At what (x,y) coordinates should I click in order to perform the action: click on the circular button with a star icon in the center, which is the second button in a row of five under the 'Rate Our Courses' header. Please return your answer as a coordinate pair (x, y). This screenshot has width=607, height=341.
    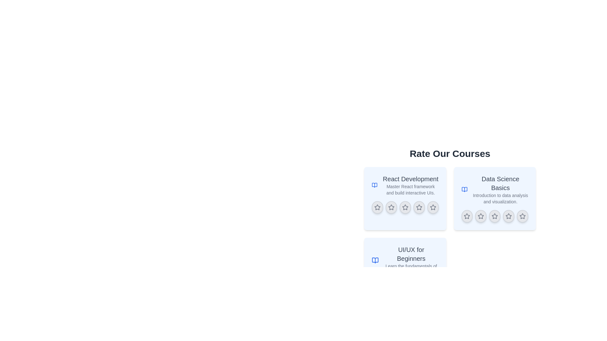
    Looking at the image, I should click on (391, 207).